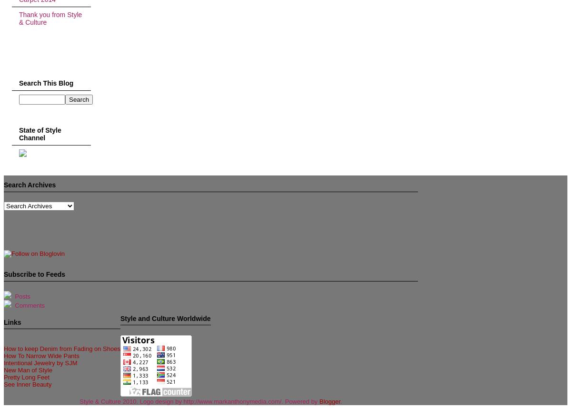 The image size is (575, 408). I want to click on 'Subscribe to Feeds', so click(34, 274).